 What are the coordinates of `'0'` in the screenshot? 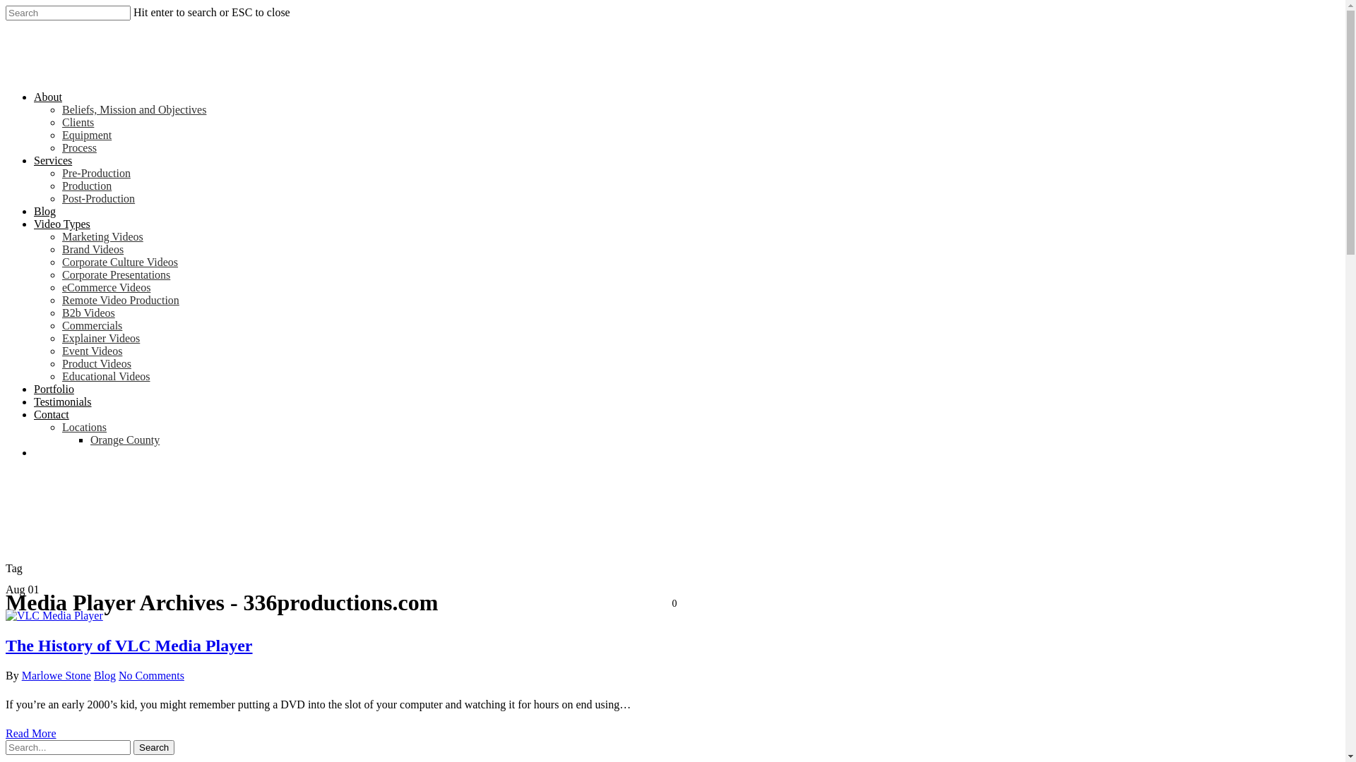 It's located at (671, 603).